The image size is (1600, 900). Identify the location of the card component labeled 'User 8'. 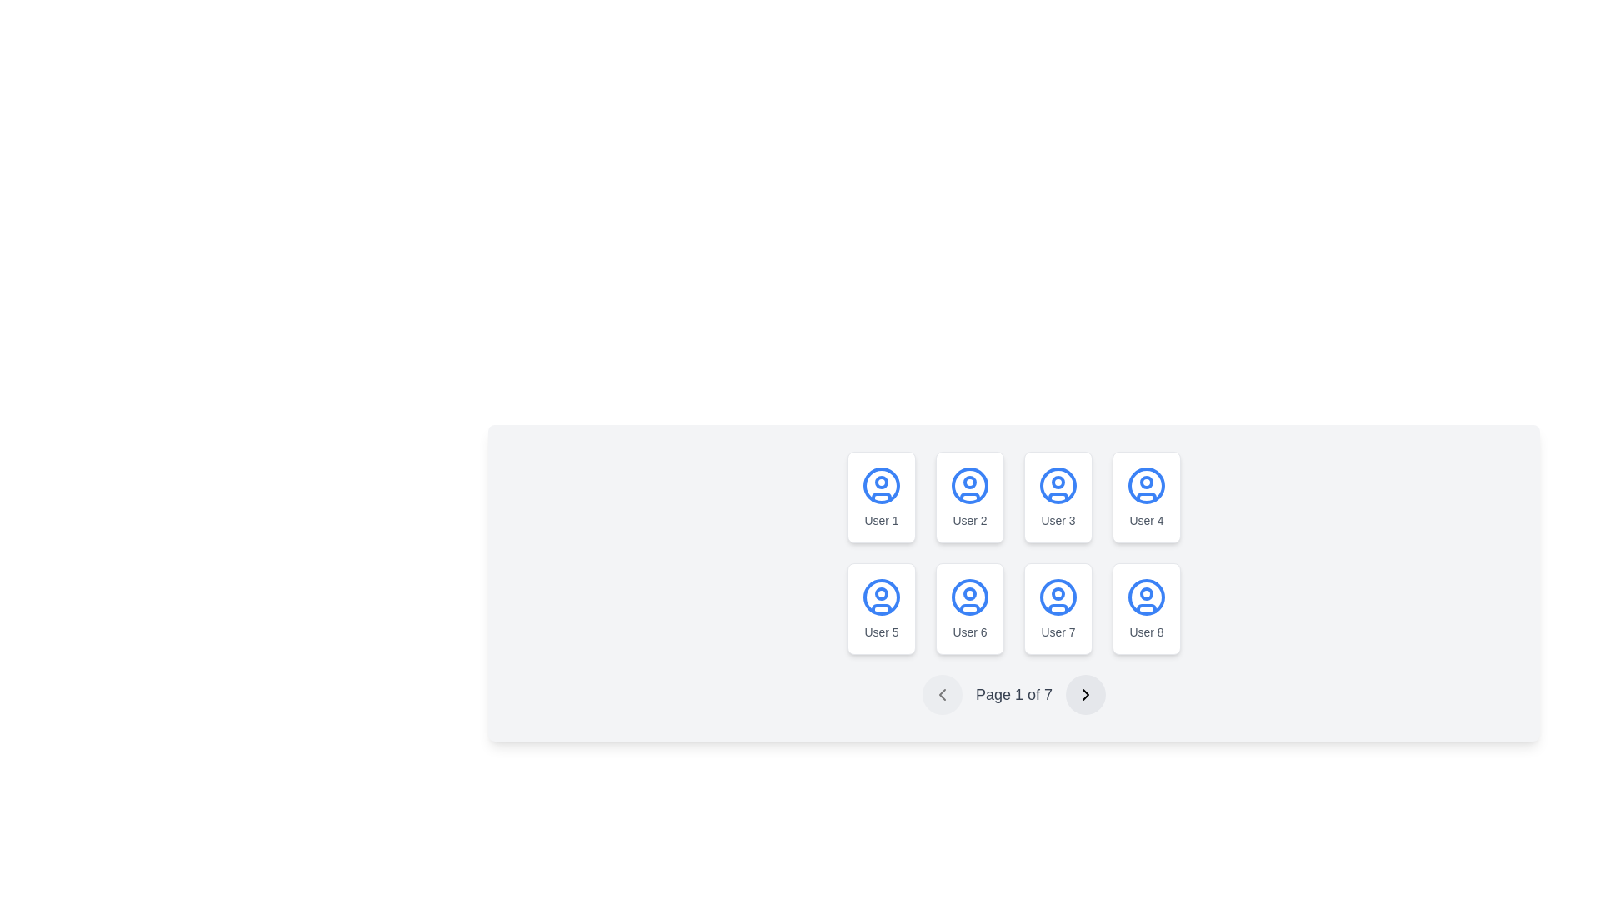
(1146, 609).